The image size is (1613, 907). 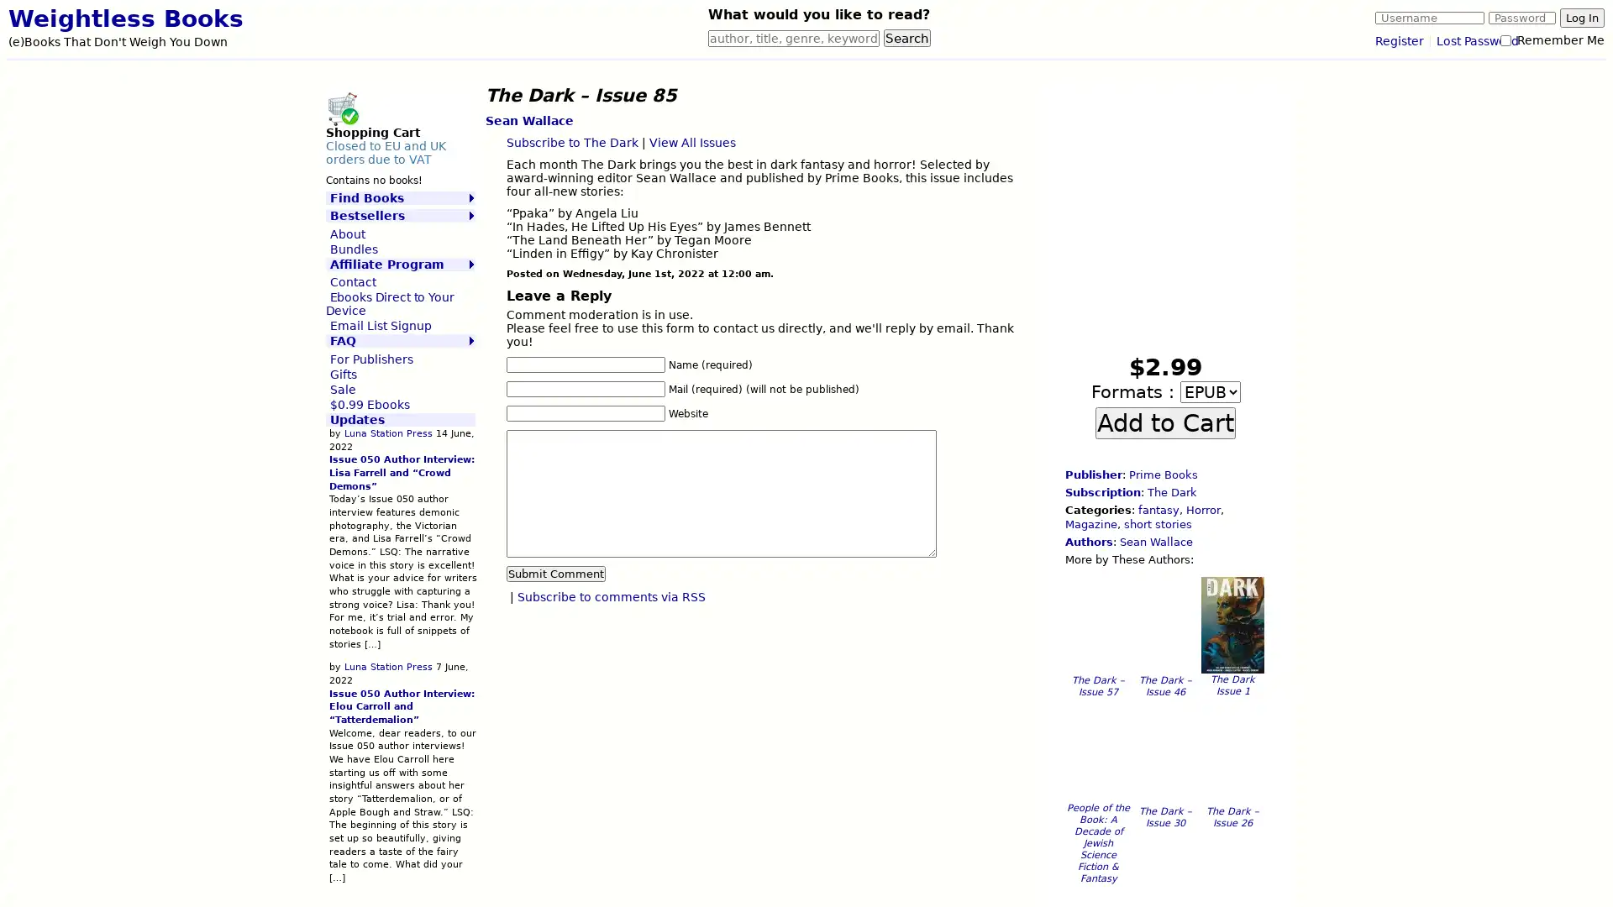 I want to click on Submit Comment, so click(x=555, y=572).